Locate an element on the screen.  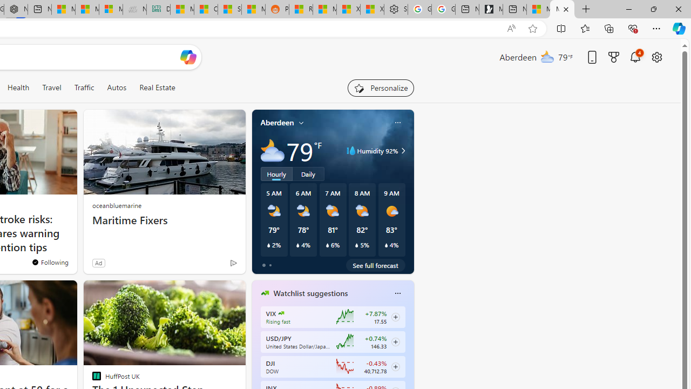
'R******* | Trusted Community Engagement and Contributions' is located at coordinates (301, 9).